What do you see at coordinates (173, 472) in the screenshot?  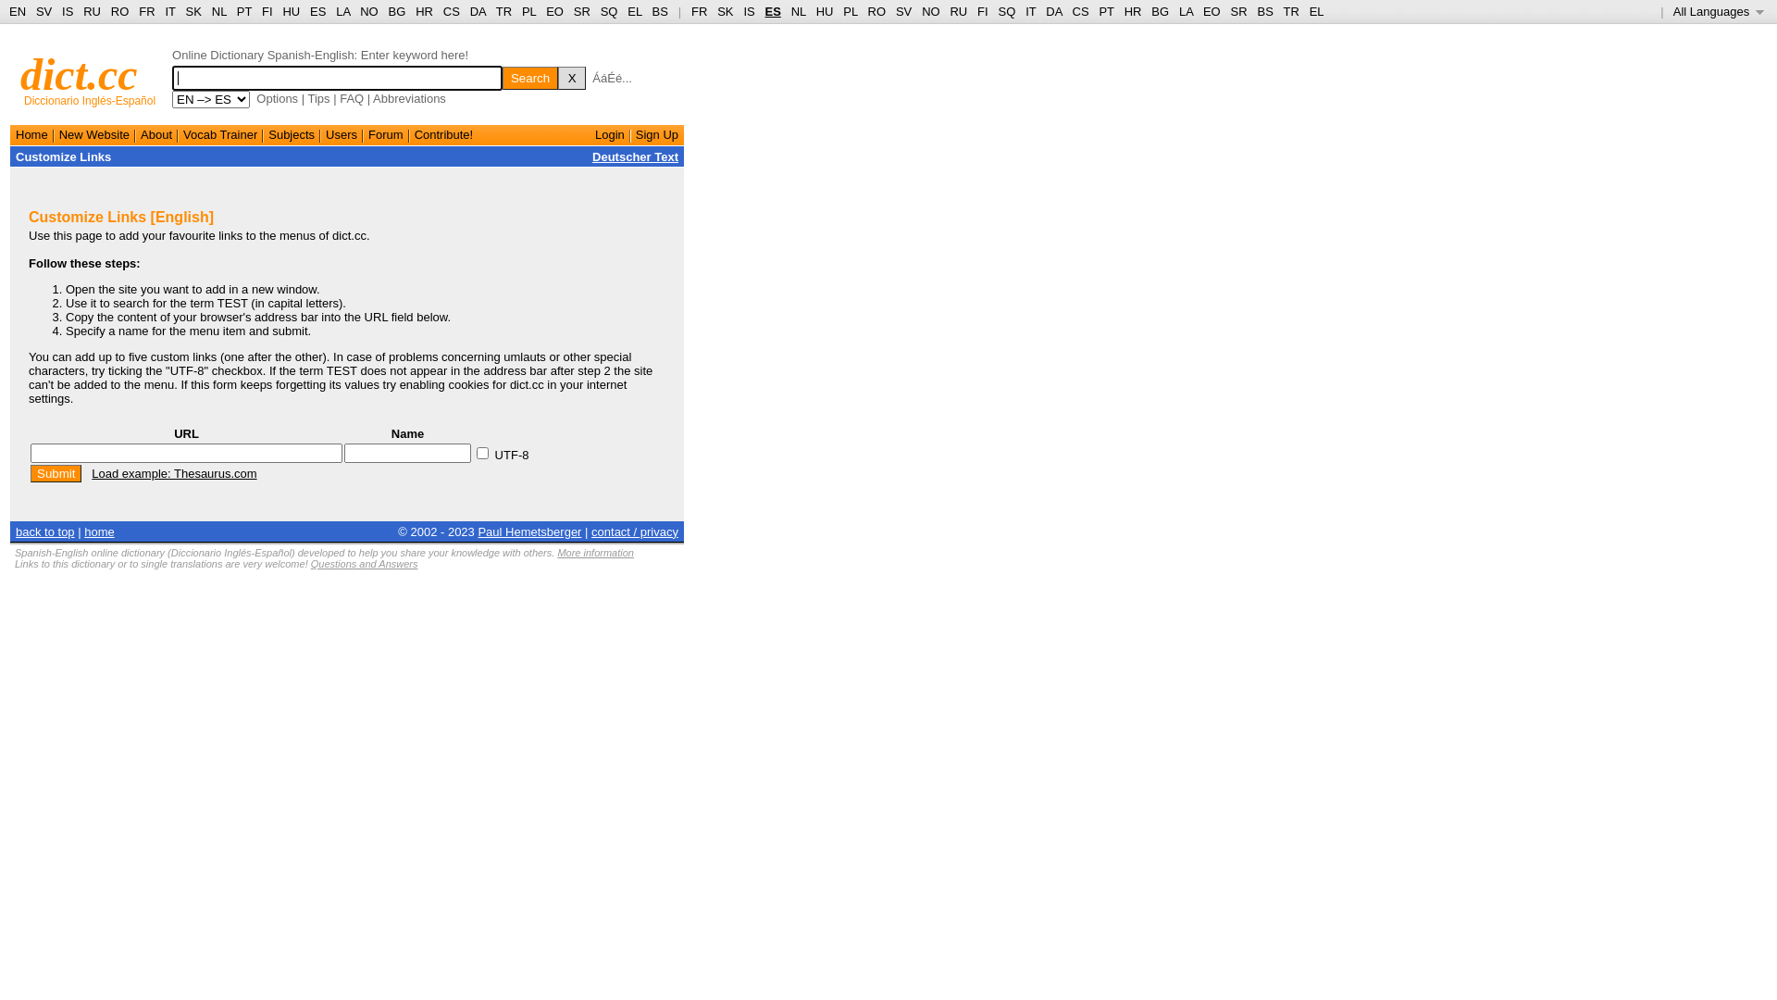 I see `'Load example: Thesaurus.com'` at bounding box center [173, 472].